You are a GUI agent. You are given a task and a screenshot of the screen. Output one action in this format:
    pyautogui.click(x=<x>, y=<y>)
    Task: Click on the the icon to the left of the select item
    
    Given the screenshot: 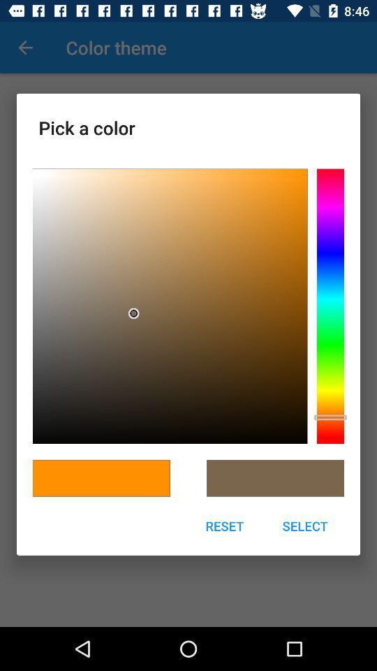 What is the action you would take?
    pyautogui.click(x=224, y=525)
    